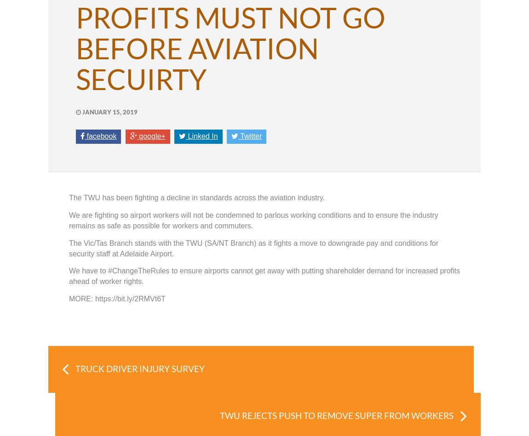  I want to click on 'TRUCK DRIVER INJURY SURVEY', so click(140, 368).